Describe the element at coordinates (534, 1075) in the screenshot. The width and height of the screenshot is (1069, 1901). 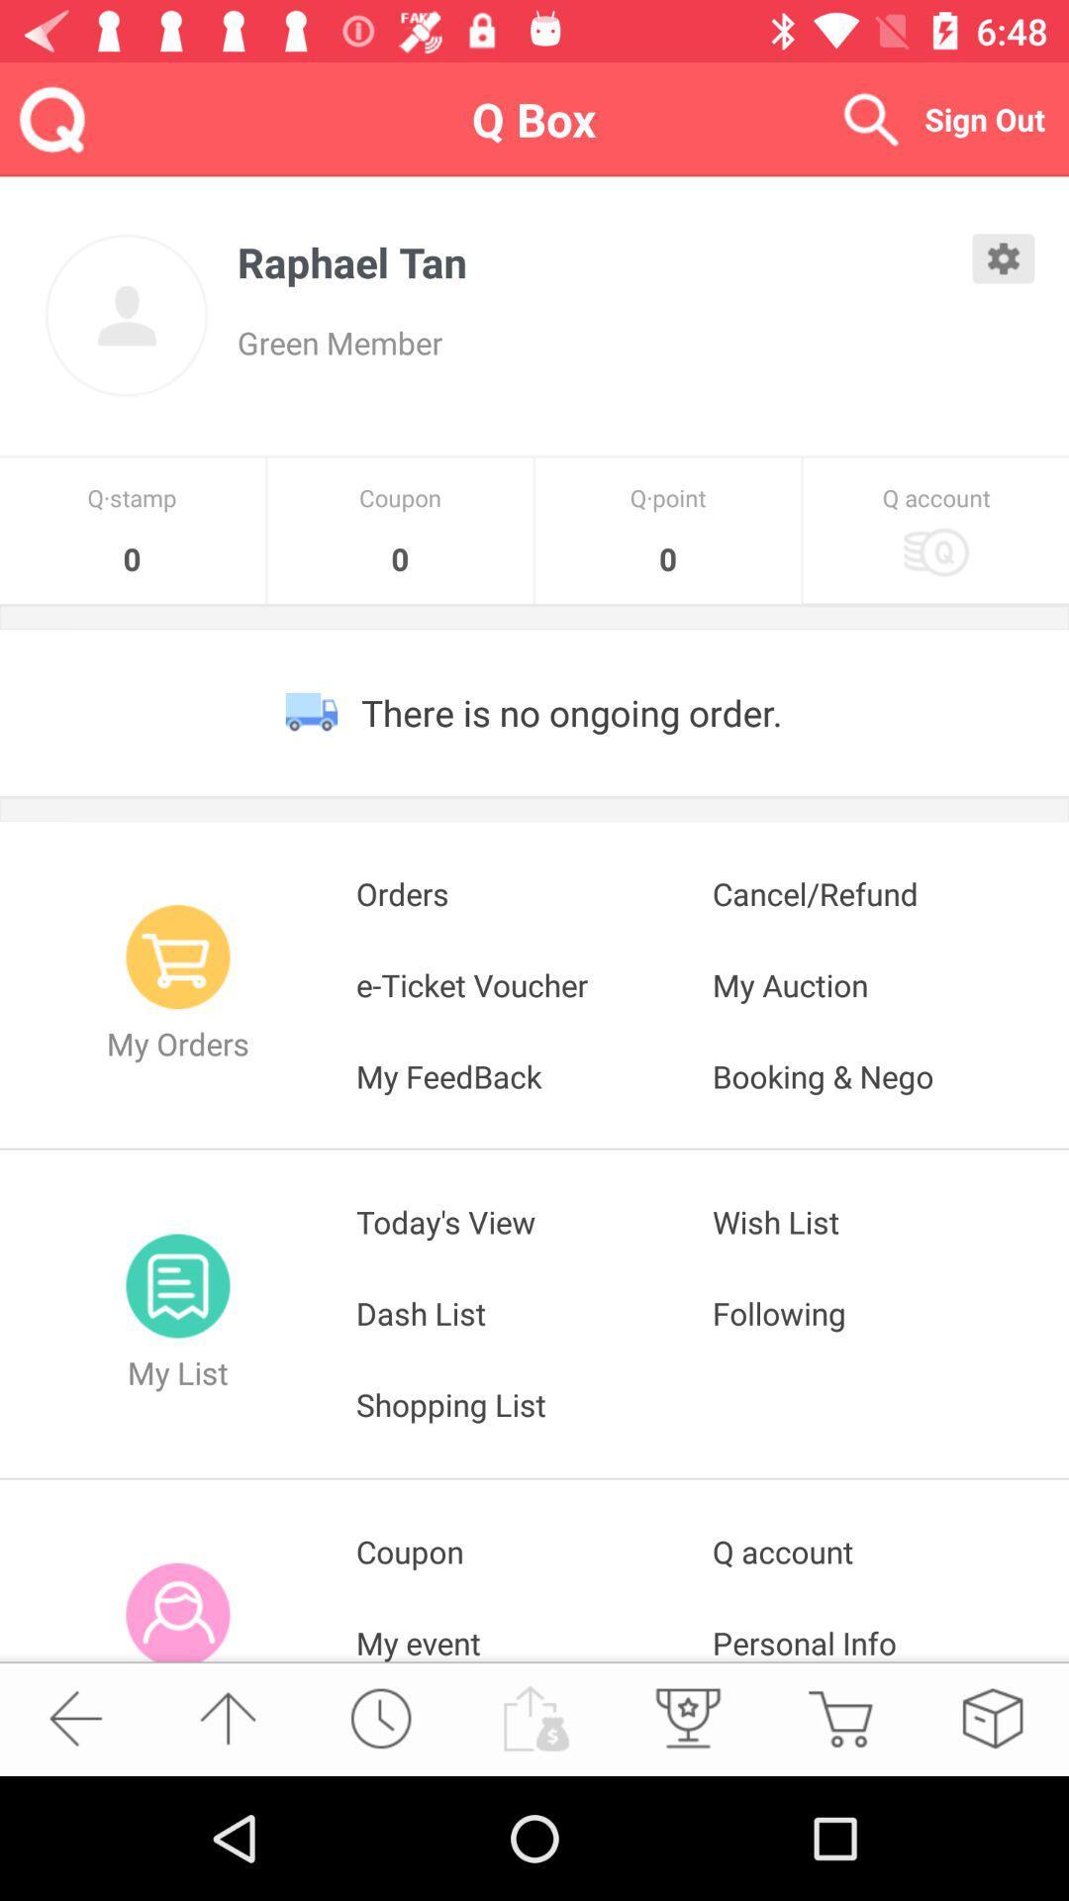
I see `the my feedback icon` at that location.